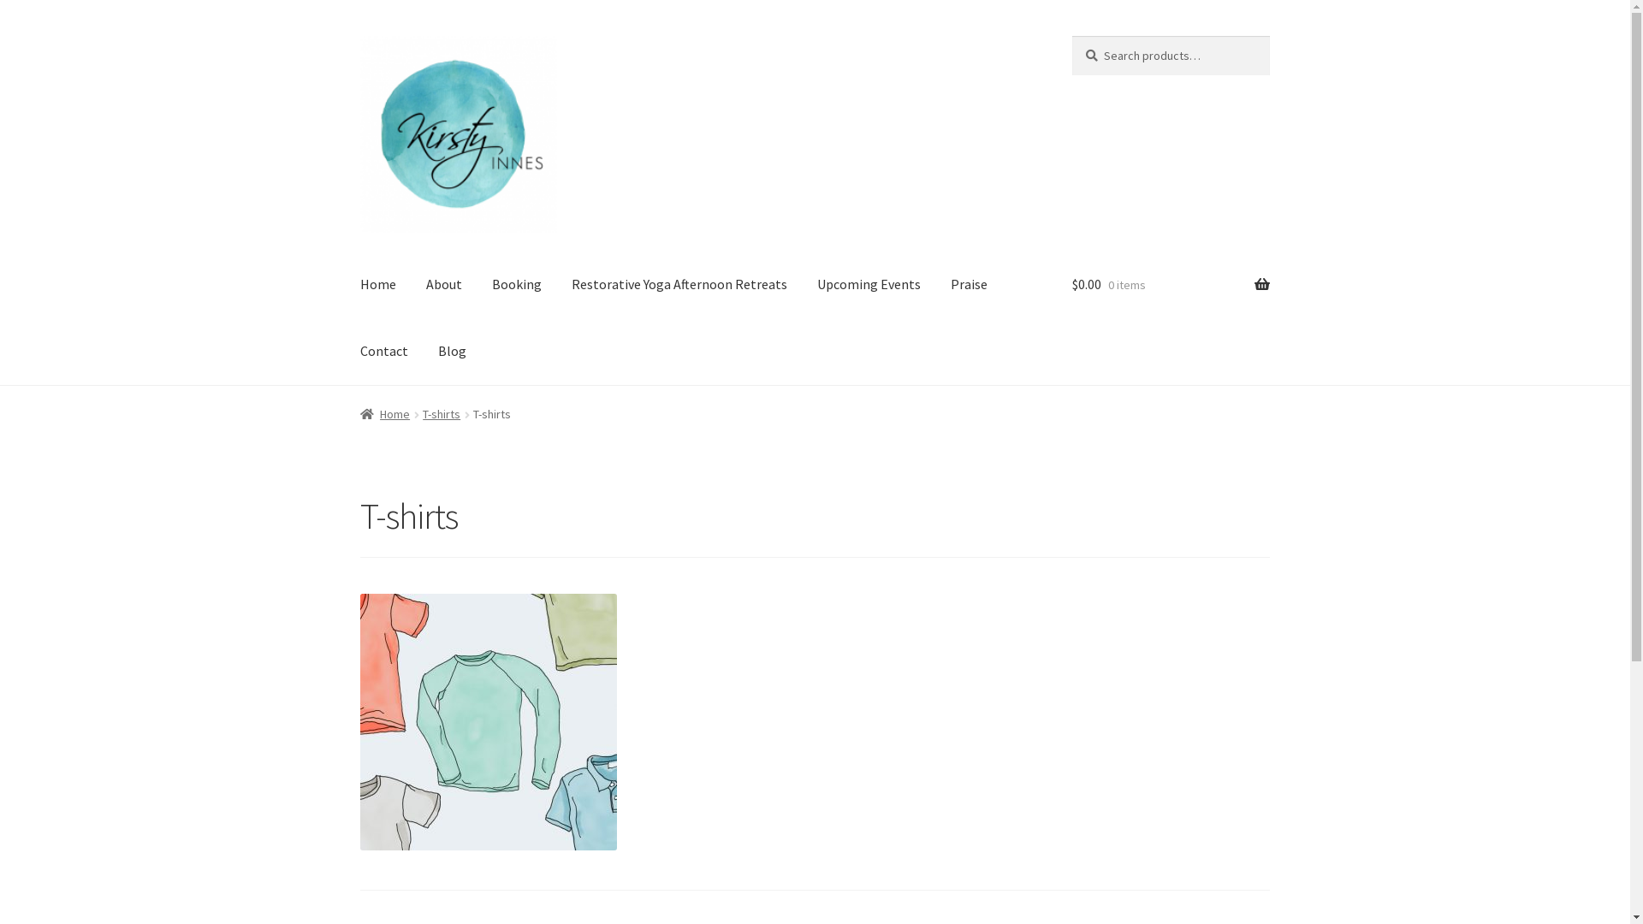  What do you see at coordinates (1071, 285) in the screenshot?
I see `'$0.00 0 items'` at bounding box center [1071, 285].